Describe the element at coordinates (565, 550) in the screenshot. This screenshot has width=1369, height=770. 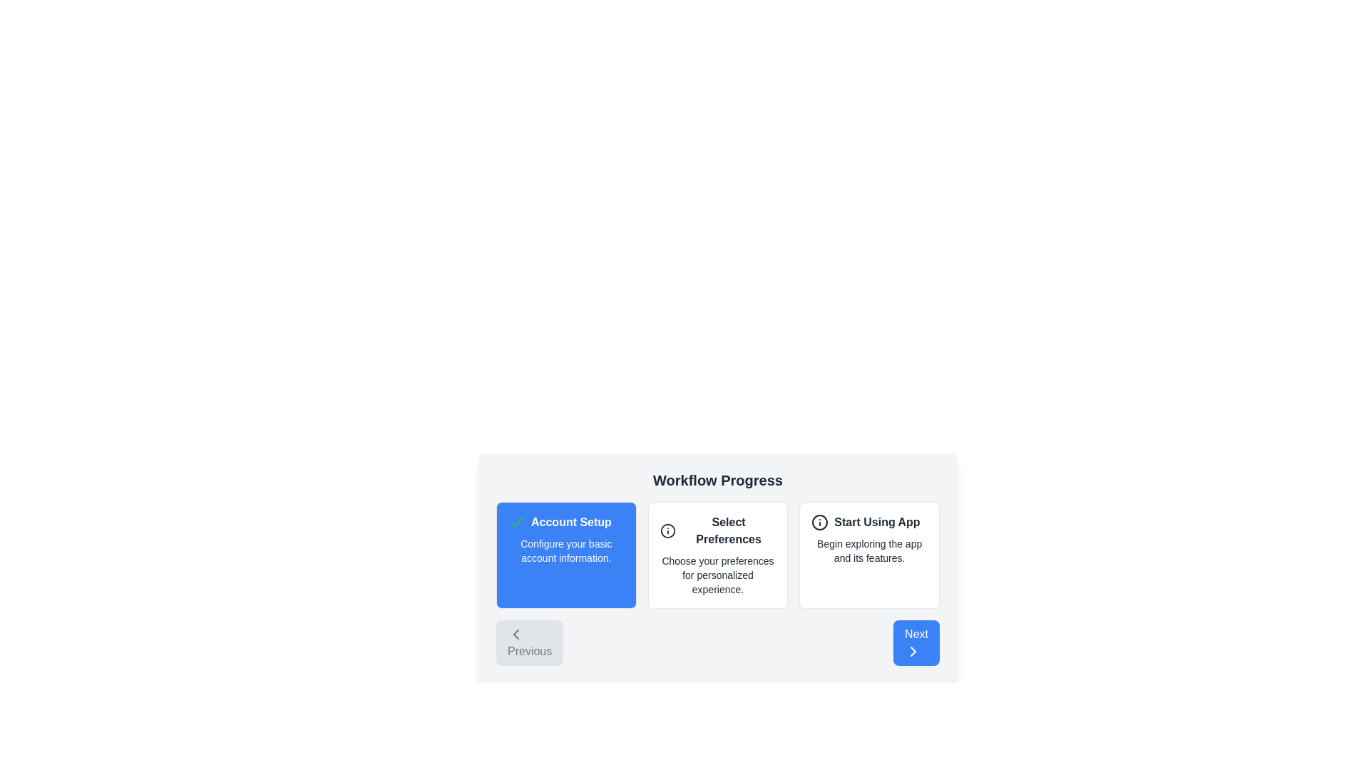
I see `the static text label that provides guidance about the 'Account Setup' process, located within the blue box titled 'Account Setup.'` at that location.